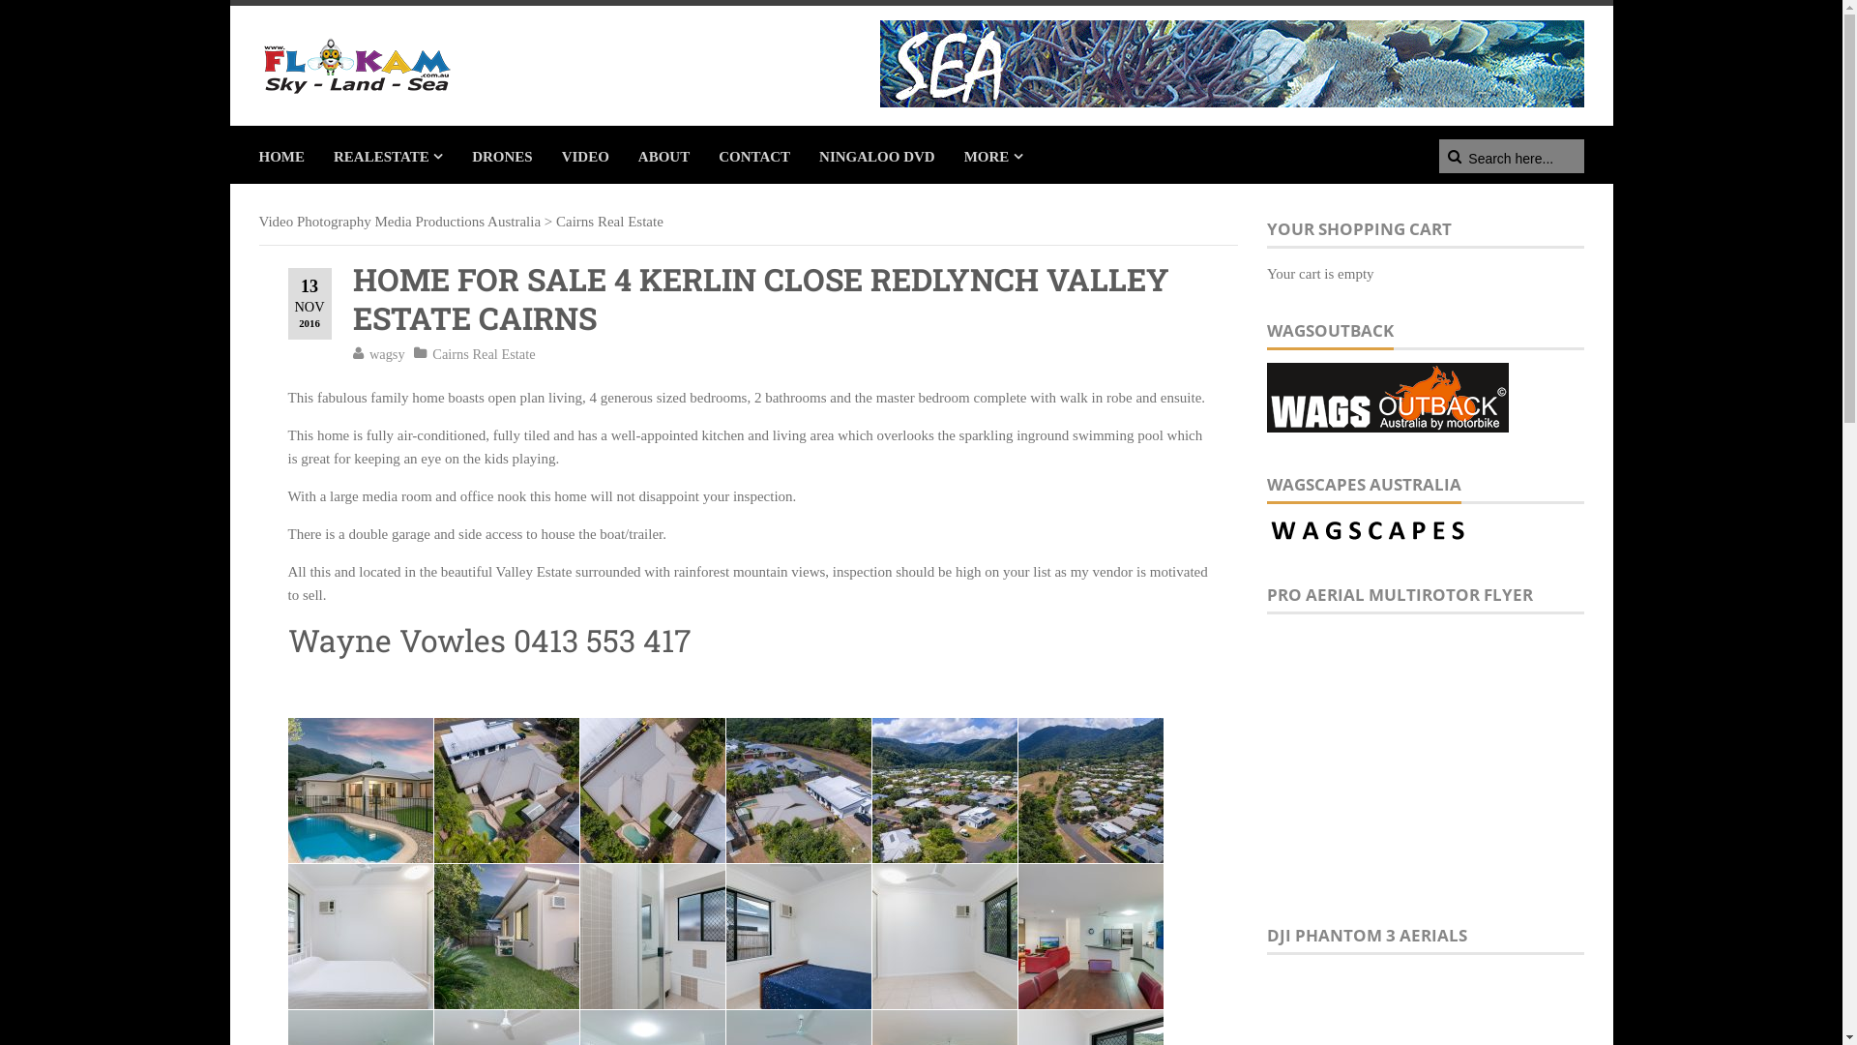 The height and width of the screenshot is (1045, 1857). Describe the element at coordinates (703, 153) in the screenshot. I see `'CONTACT'` at that location.